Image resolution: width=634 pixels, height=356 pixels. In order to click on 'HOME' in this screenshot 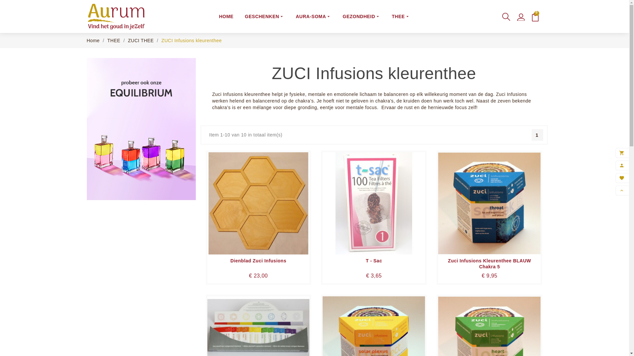, I will do `click(226, 16)`.